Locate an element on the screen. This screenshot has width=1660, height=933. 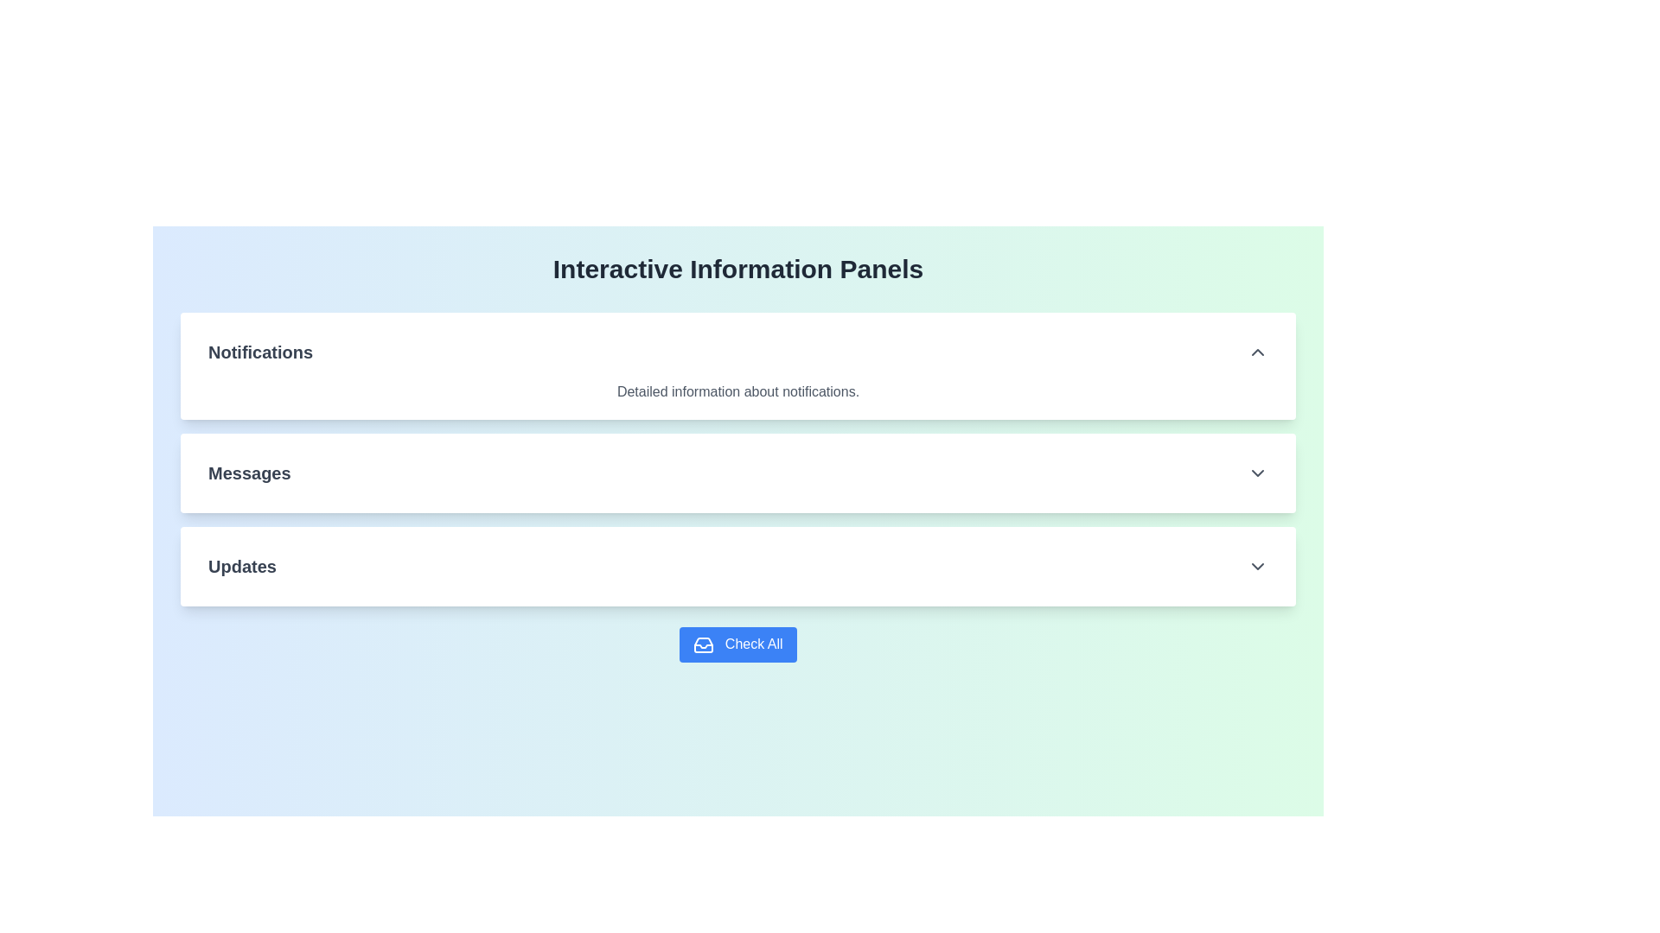
the inbox/check-all icon located to the left of the 'Check All' button at the bottom center of the interface for informational purposes is located at coordinates (704, 644).